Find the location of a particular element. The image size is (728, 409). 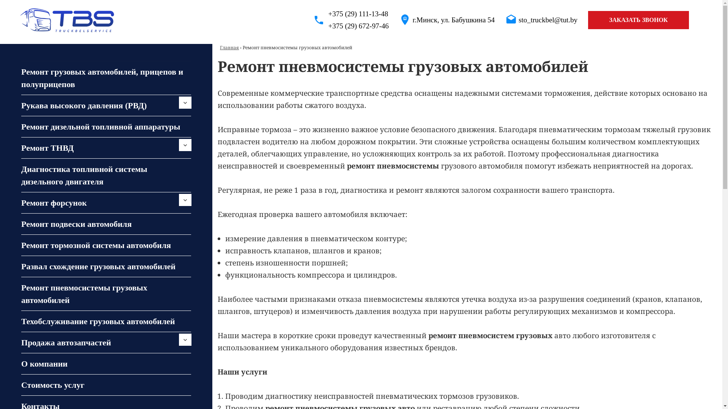

'expand child menu' is located at coordinates (185, 102).